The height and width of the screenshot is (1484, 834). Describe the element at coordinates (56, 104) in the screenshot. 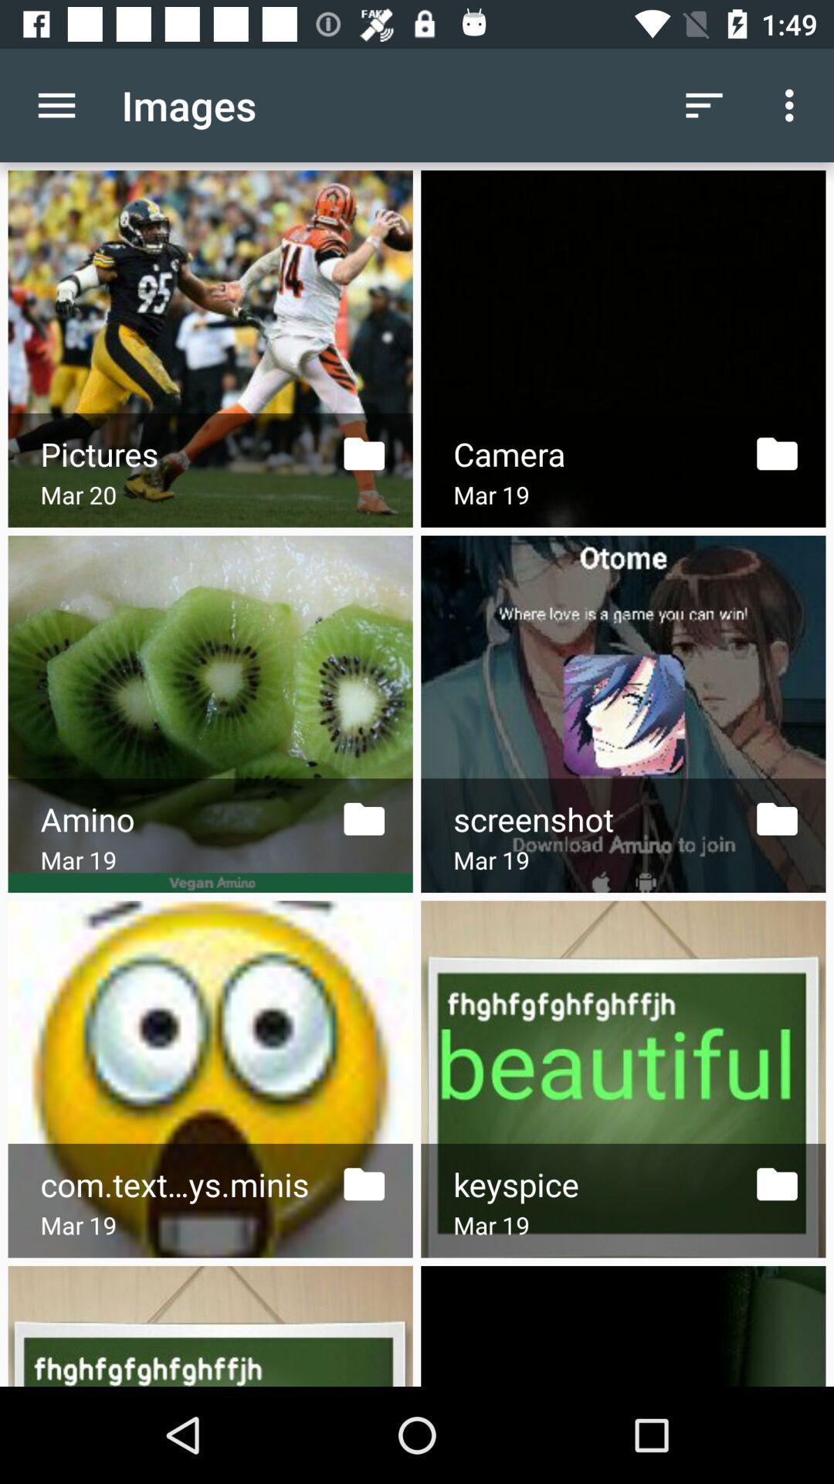

I see `icon to the left of the images icon` at that location.